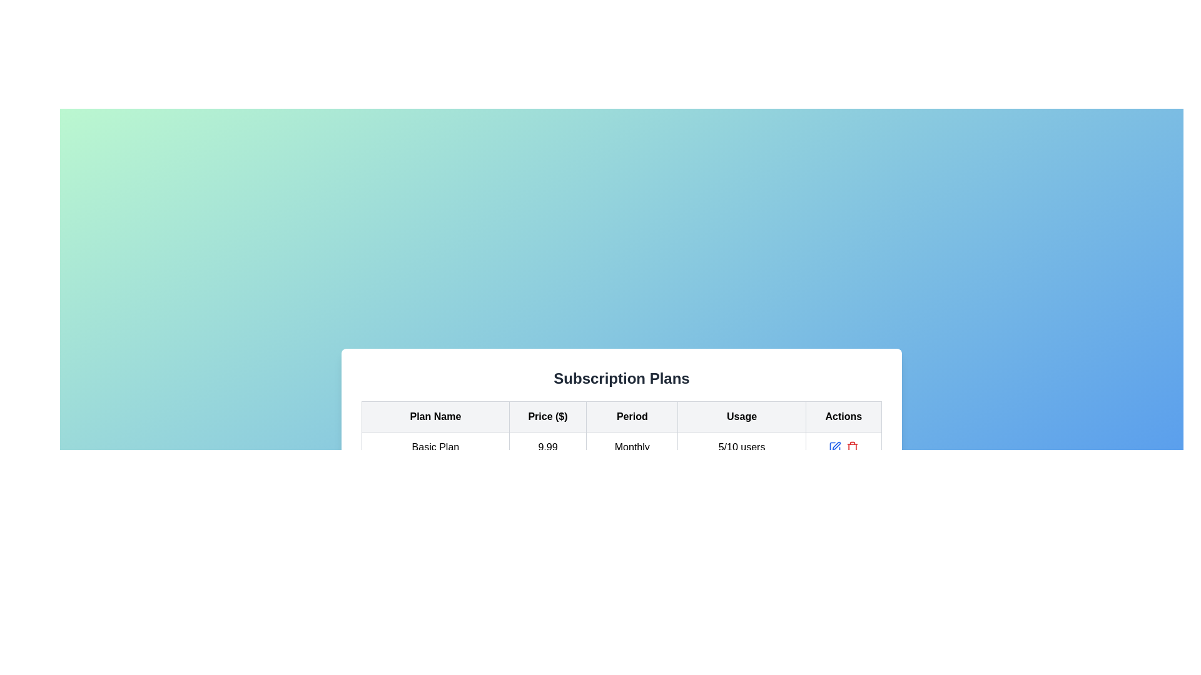 The image size is (1201, 675). What do you see at coordinates (632, 446) in the screenshot?
I see `the static text cell displaying 'Monthly', which is the third element in the row under the 'Period' column, between '9.99' and '5/10 users'` at bounding box center [632, 446].